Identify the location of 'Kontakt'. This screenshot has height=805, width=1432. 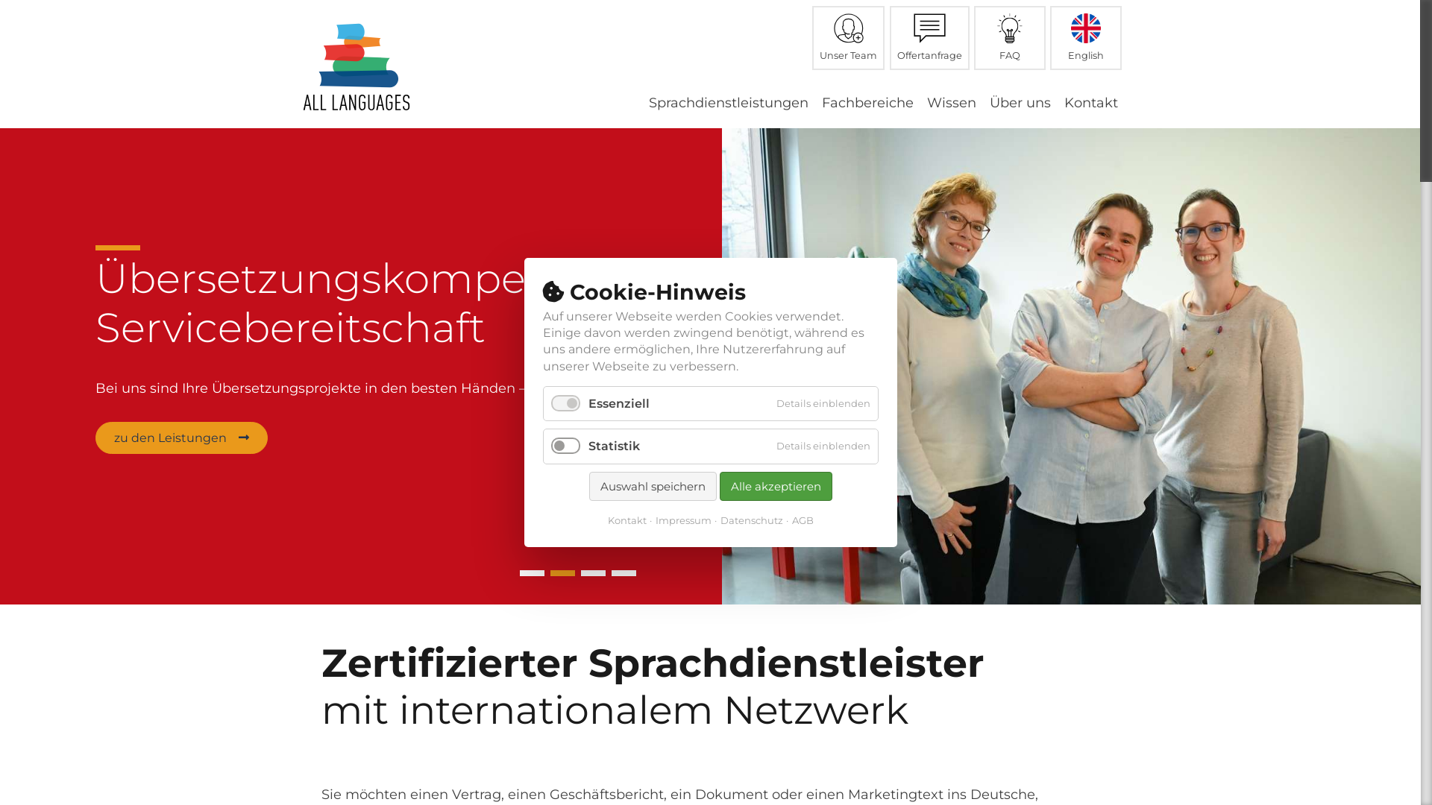
(626, 520).